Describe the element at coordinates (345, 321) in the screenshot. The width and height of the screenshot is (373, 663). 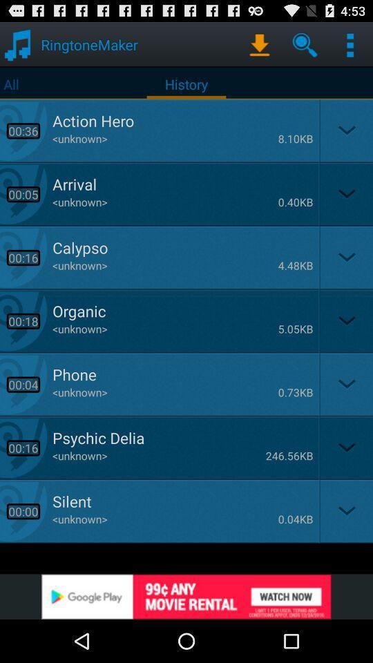
I see `drop down button right to organic` at that location.